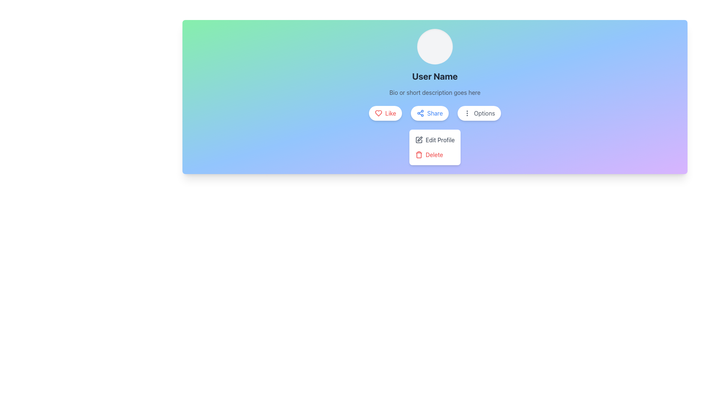 The height and width of the screenshot is (400, 712). I want to click on the third button in a series of options, which opens a dropdown or menu with additional actions, so click(479, 113).